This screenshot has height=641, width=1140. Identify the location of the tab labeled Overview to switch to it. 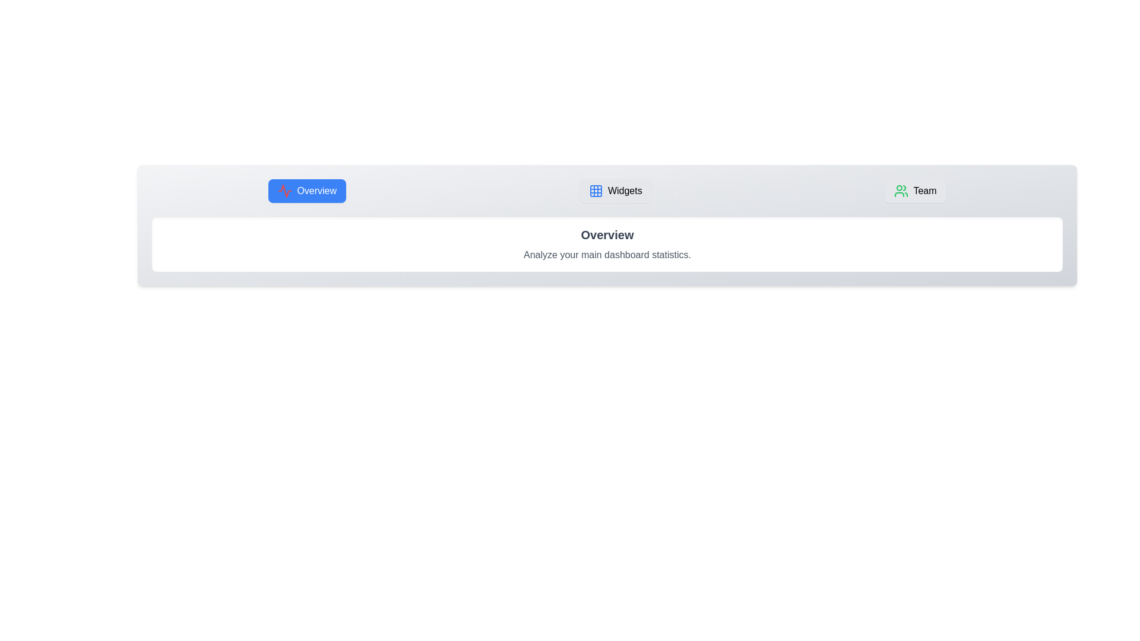
(307, 190).